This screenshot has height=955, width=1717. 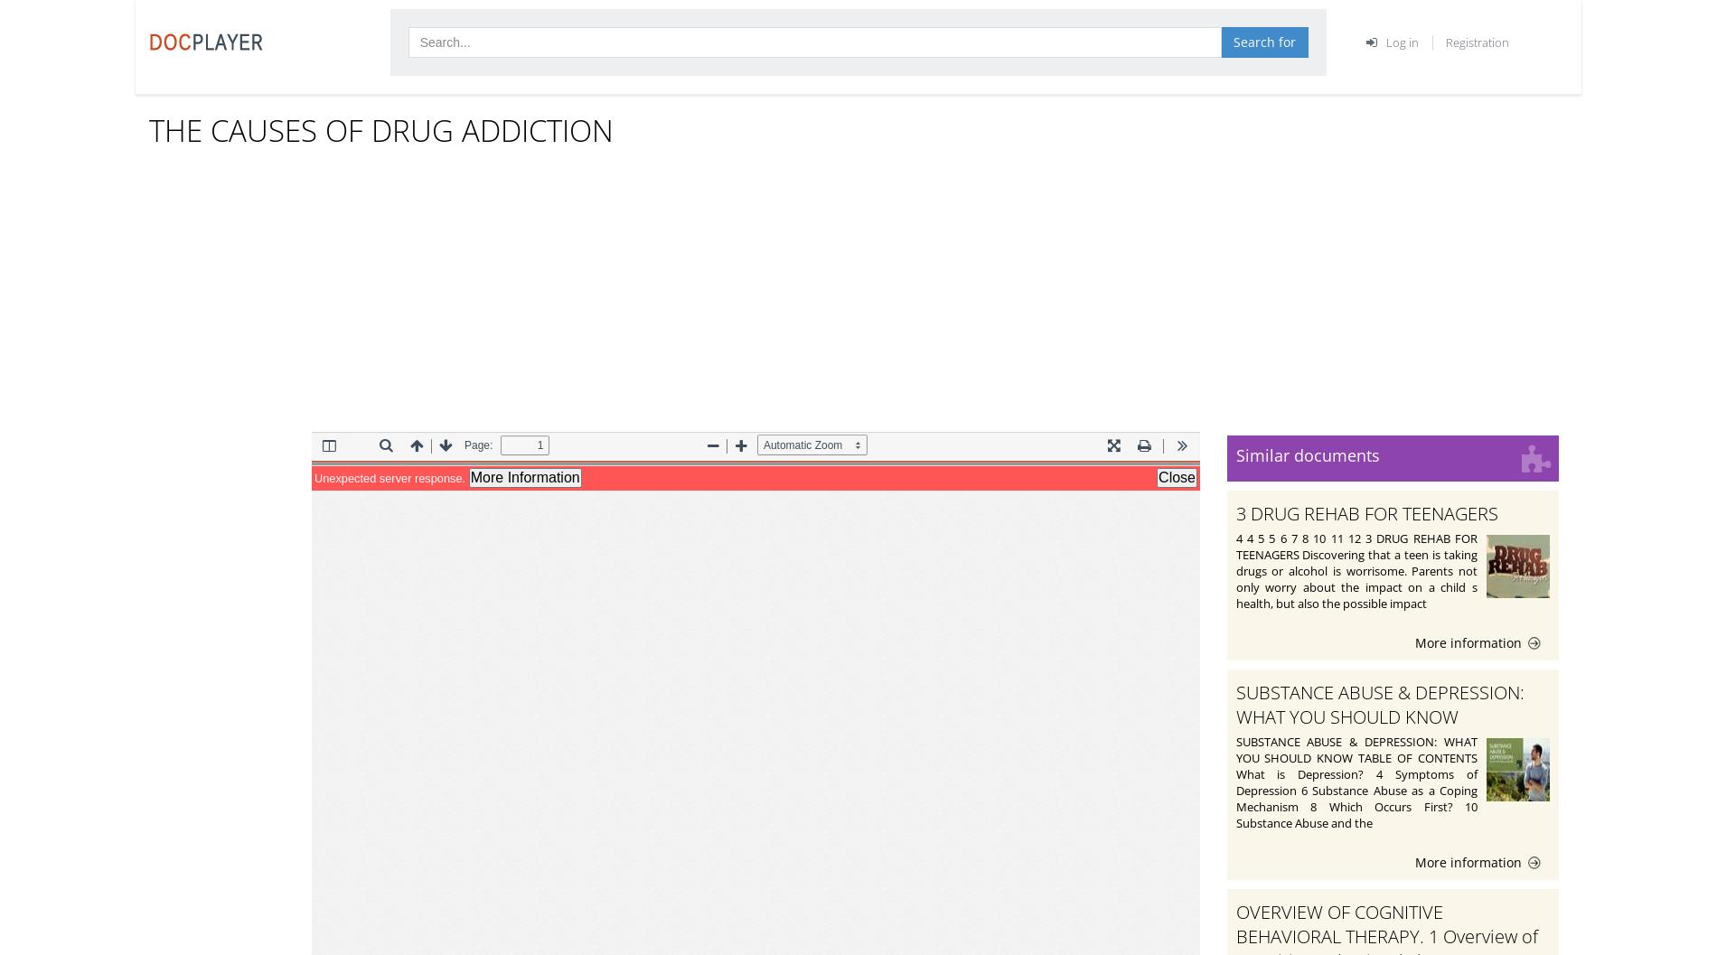 I want to click on '4 4 5 5 6 7 8 10 11 12 3 DRUG REHAB FOR TEENAGERS Discovering that a teen is taking drugs or alcohol is worrisome. Parents not only worry about the impact on a child s health, but also the possible impact', so click(x=1356, y=570).